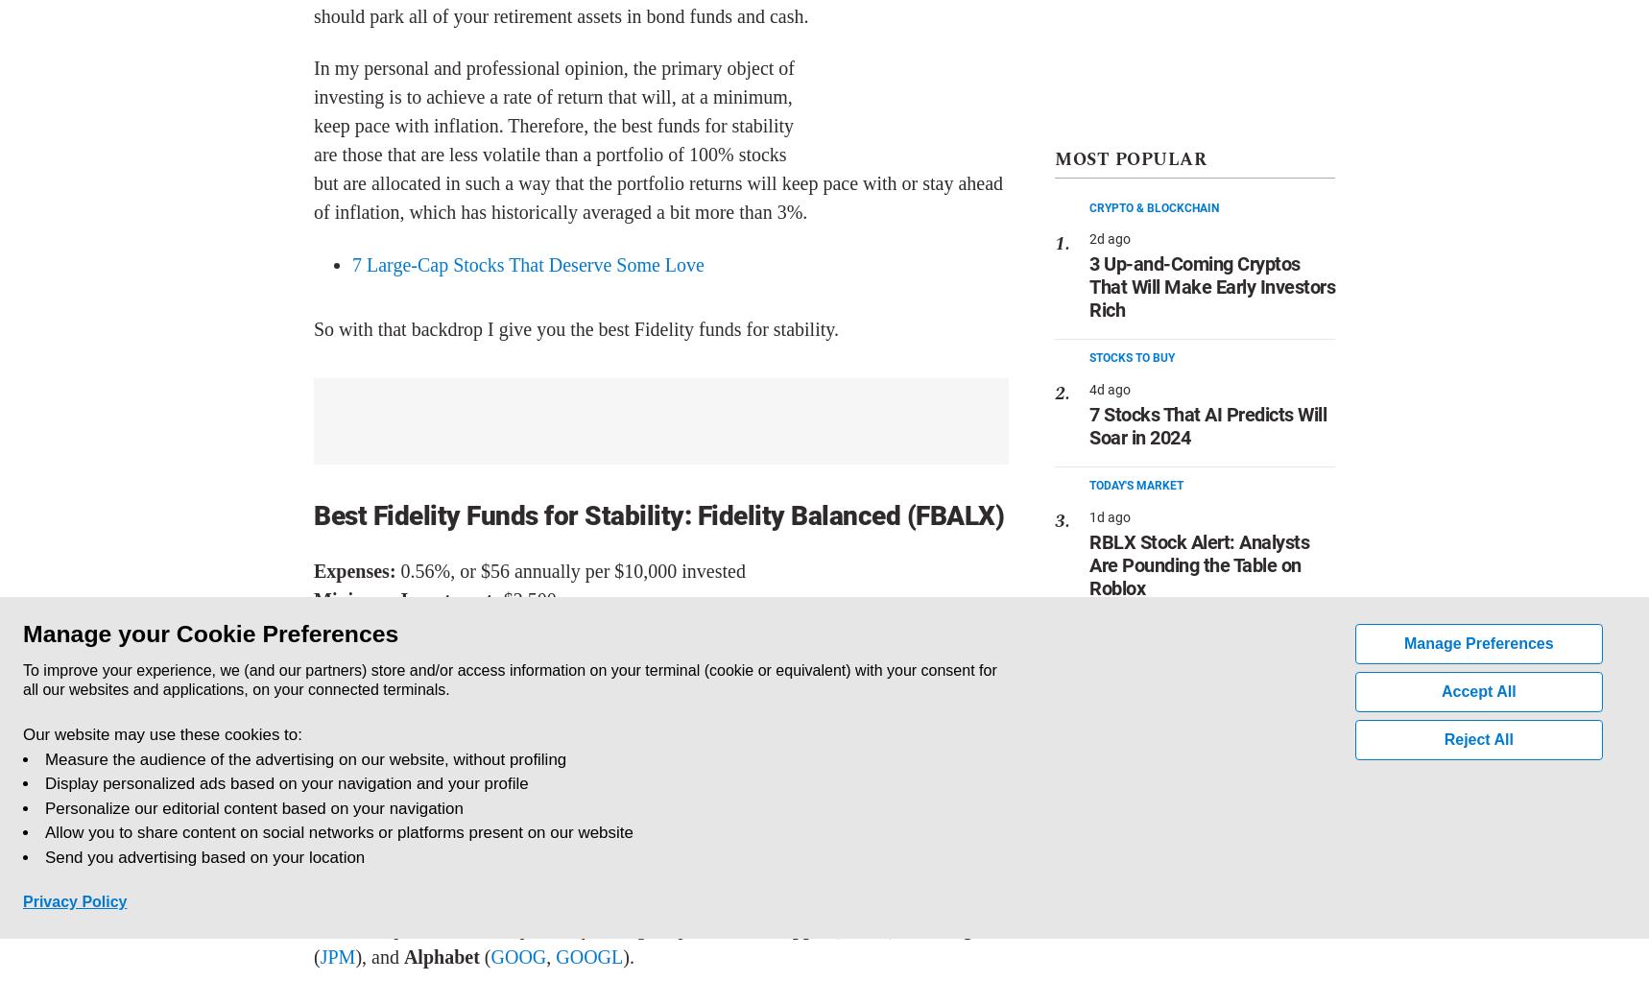  I want to click on '0.56%, or $56 annually per $10,000 invested', so click(571, 570).